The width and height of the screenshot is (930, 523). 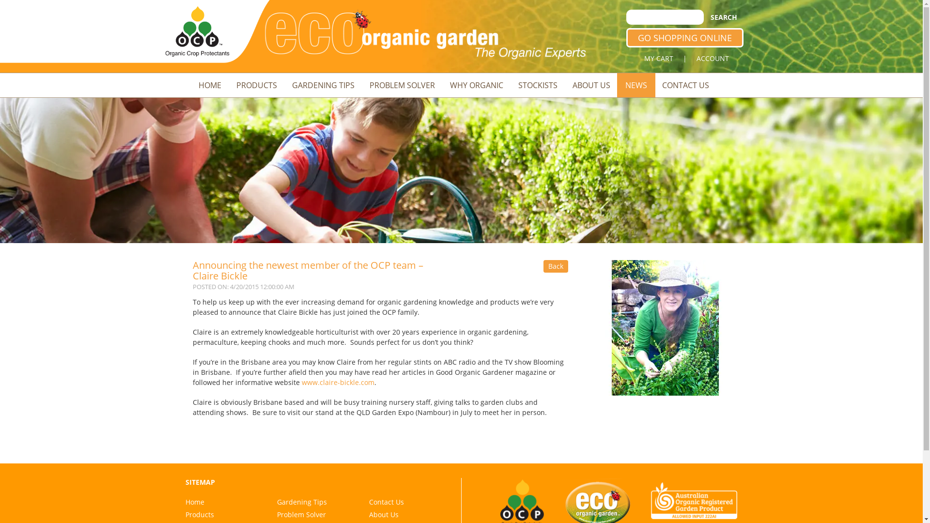 I want to click on 'STOCKISTS', so click(x=537, y=85).